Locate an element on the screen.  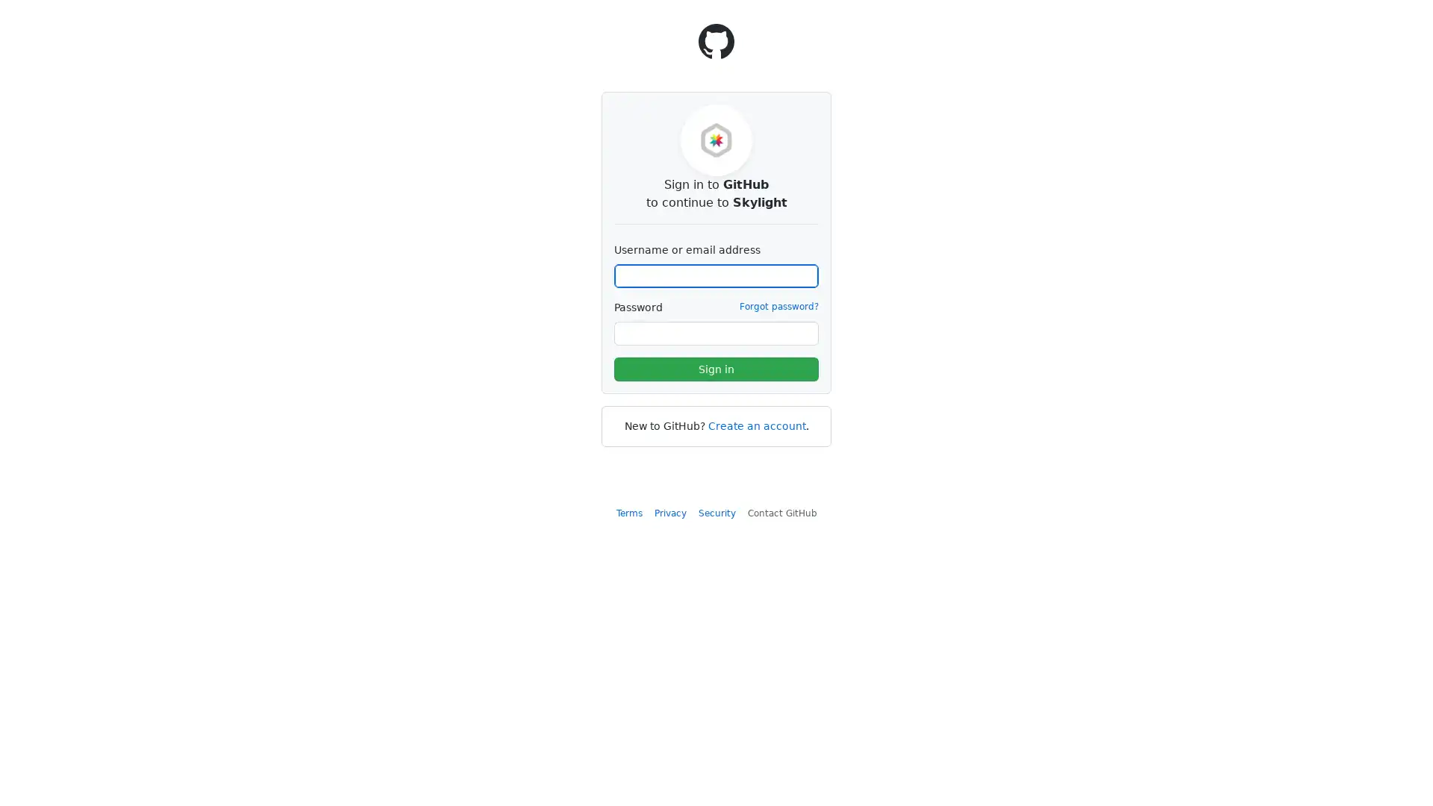
Sign in is located at coordinates (716, 369).